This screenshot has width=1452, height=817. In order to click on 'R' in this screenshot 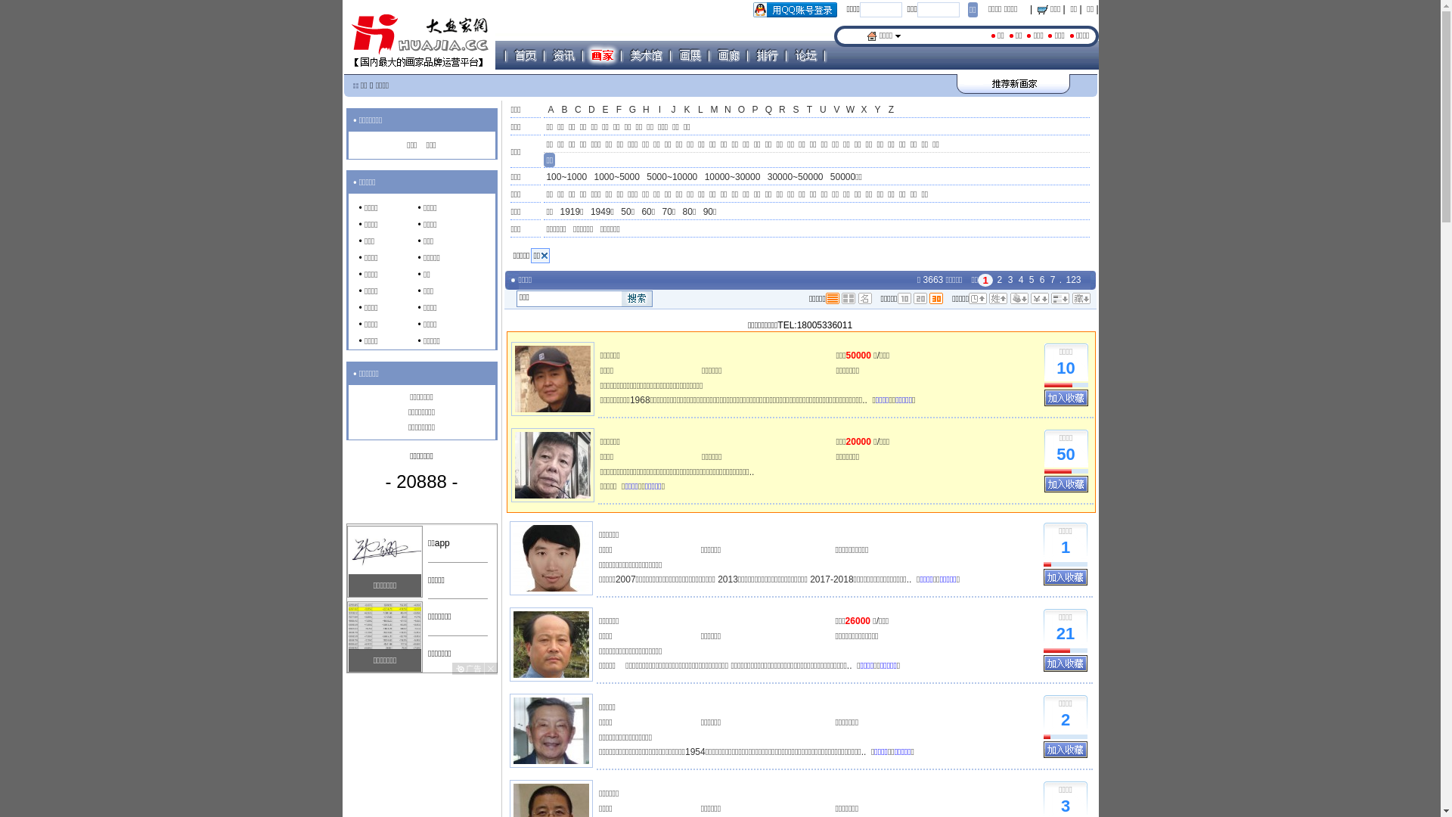, I will do `click(781, 110)`.